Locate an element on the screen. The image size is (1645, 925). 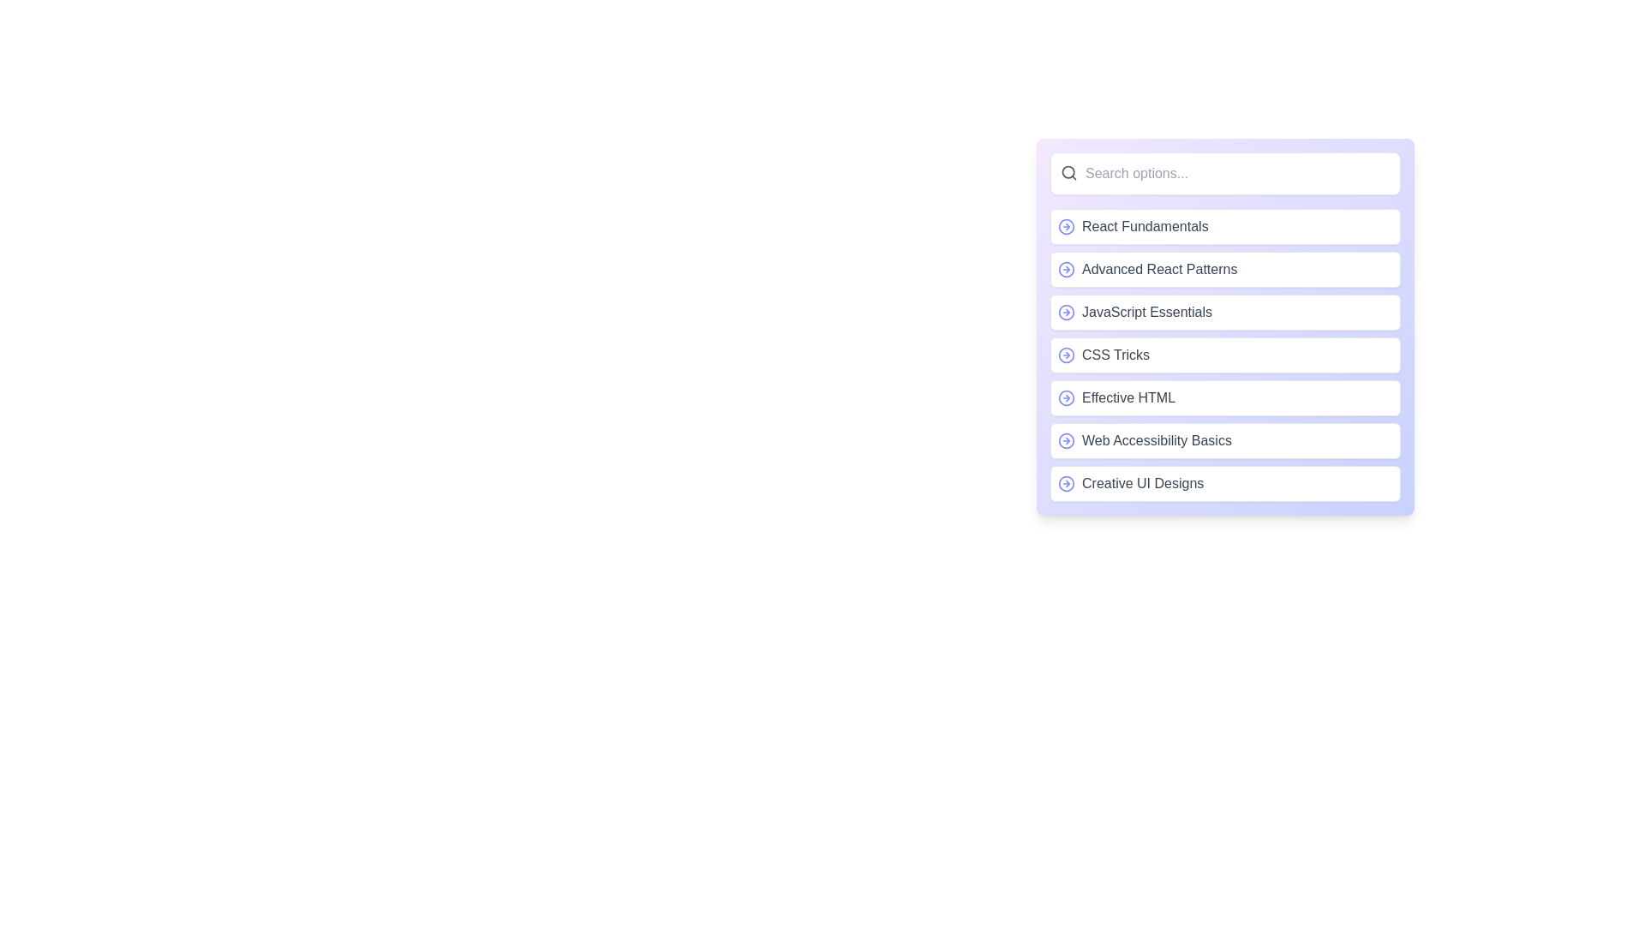
the Graphical Icon Component is located at coordinates (1065, 226).